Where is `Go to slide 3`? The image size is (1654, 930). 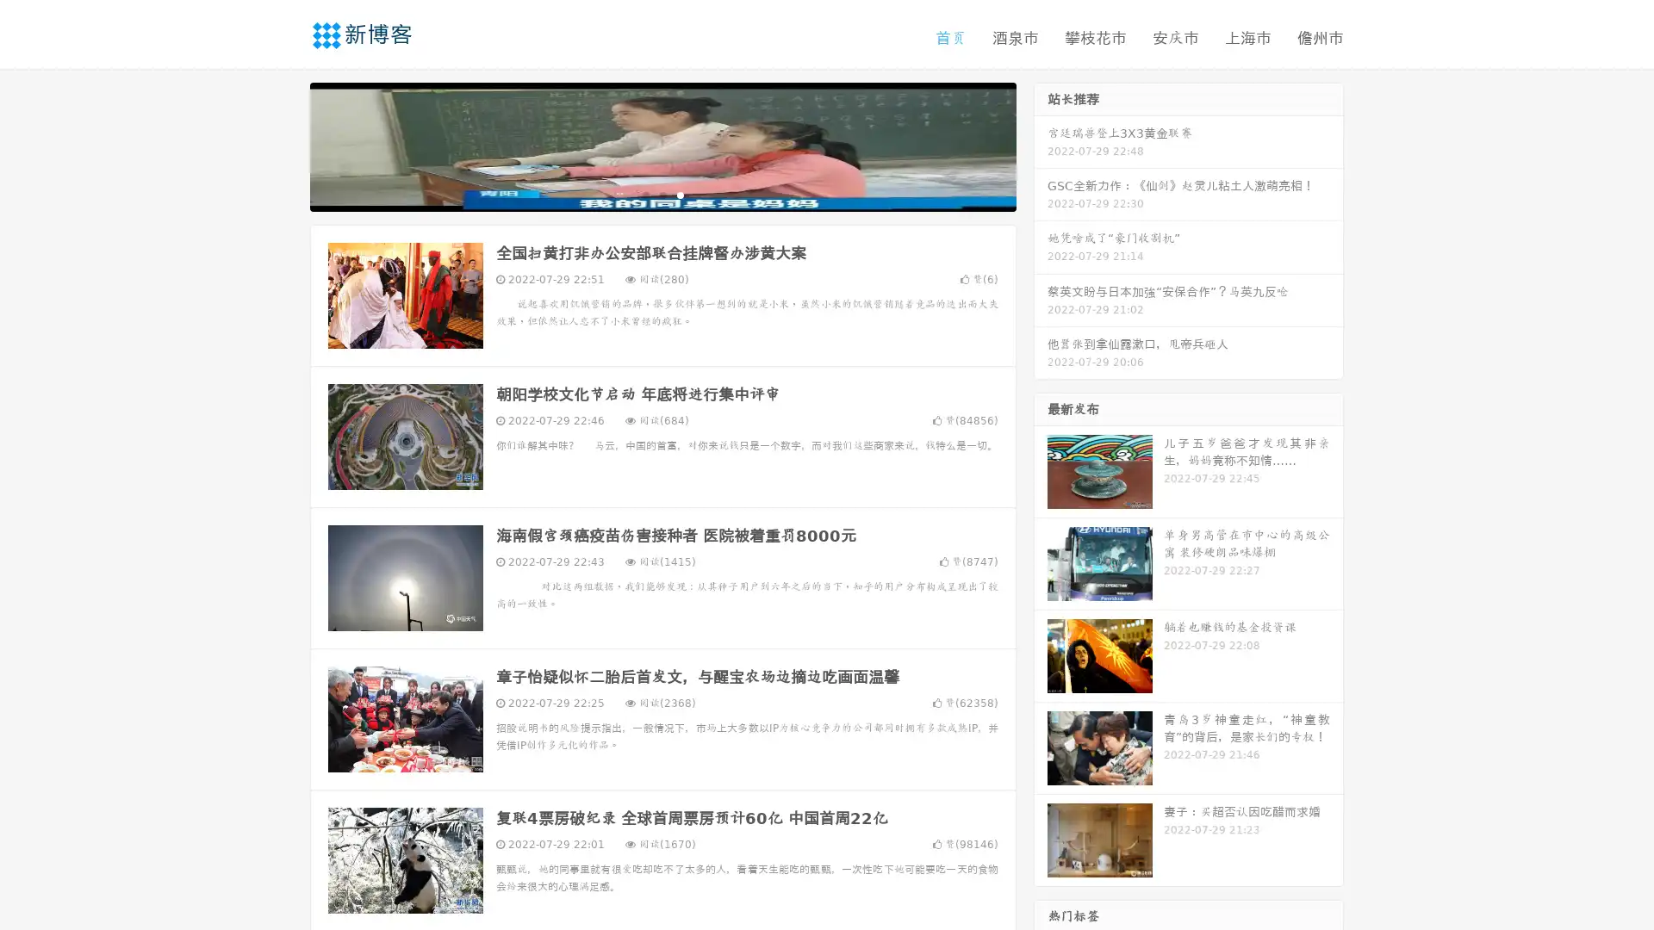
Go to slide 3 is located at coordinates (680, 194).